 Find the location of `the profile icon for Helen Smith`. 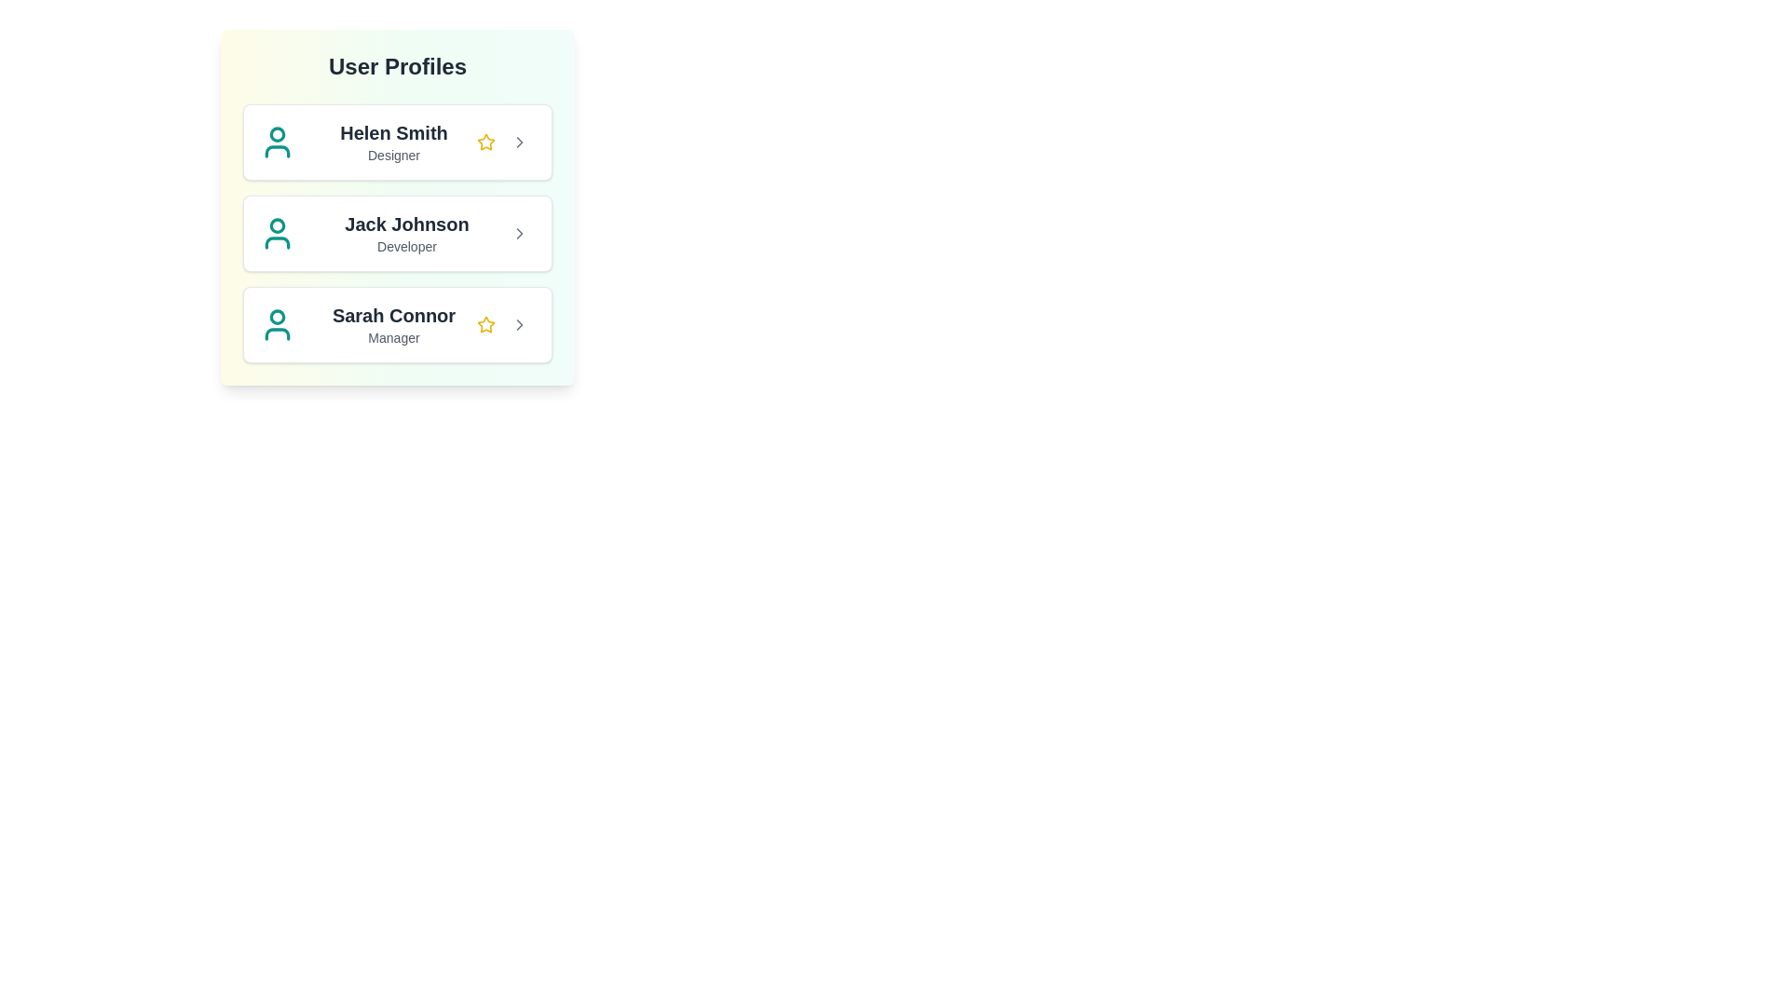

the profile icon for Helen Smith is located at coordinates (276, 142).